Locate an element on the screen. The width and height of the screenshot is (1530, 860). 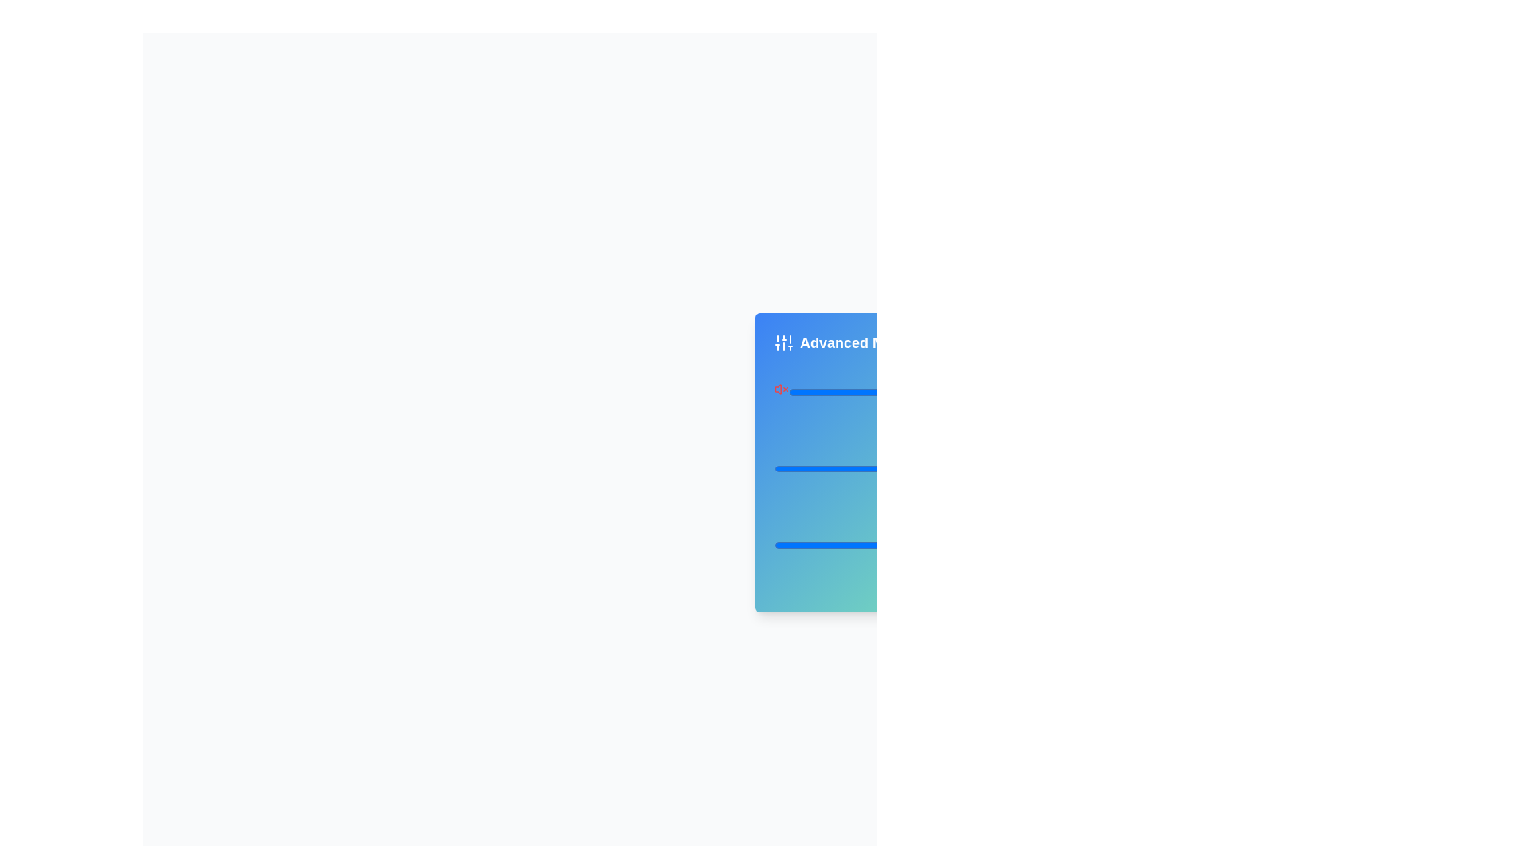
the balance value is located at coordinates (945, 468).